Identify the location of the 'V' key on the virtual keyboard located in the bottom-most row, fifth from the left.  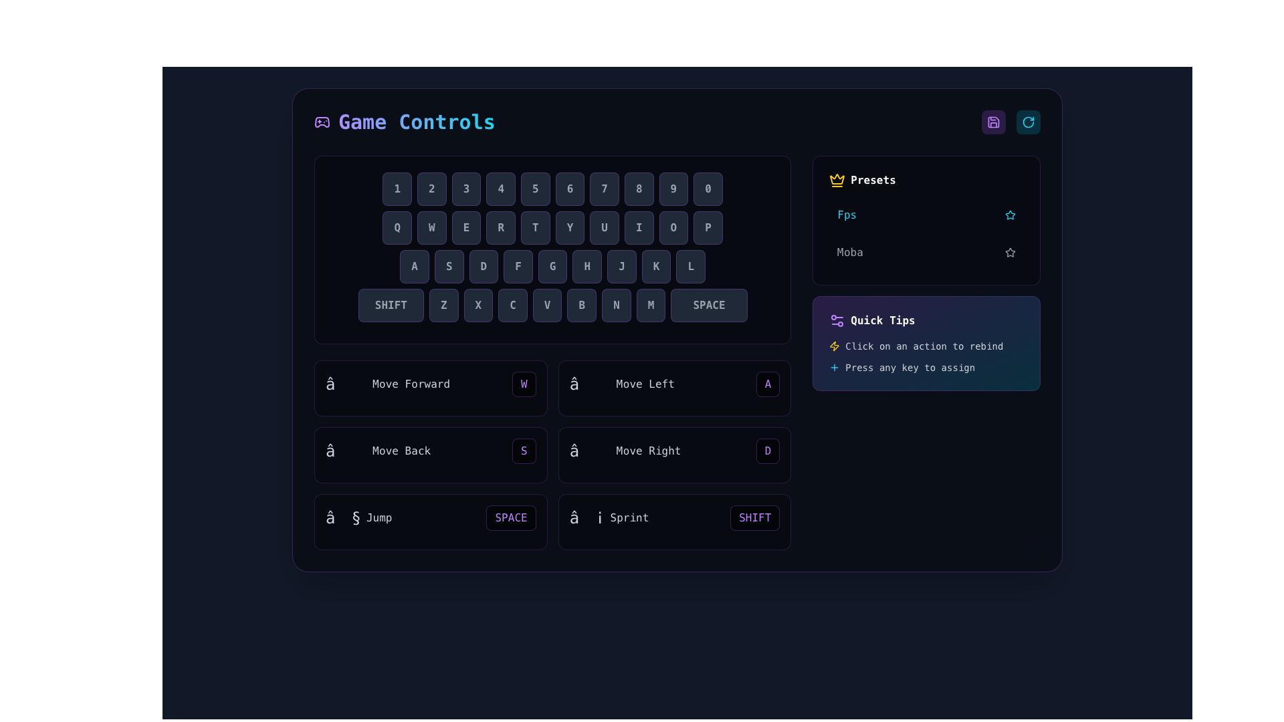
(552, 305).